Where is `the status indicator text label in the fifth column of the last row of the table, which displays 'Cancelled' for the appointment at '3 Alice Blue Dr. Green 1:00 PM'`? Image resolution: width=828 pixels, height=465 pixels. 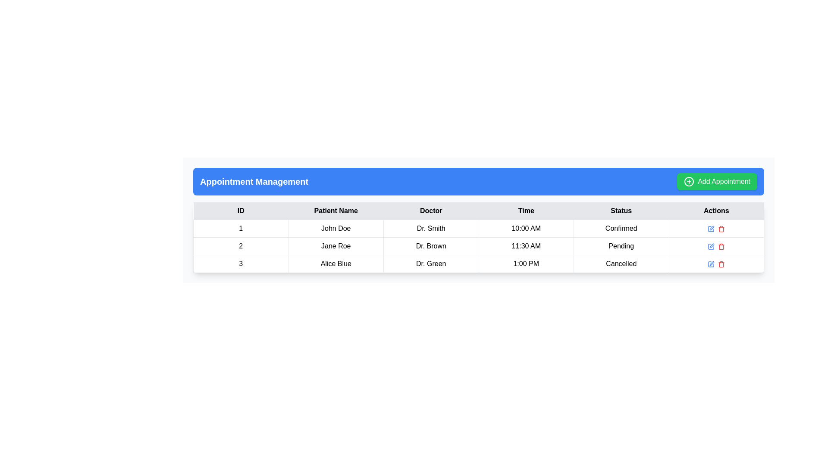
the status indicator text label in the fifth column of the last row of the table, which displays 'Cancelled' for the appointment at '3 Alice Blue Dr. Green 1:00 PM' is located at coordinates (621, 263).